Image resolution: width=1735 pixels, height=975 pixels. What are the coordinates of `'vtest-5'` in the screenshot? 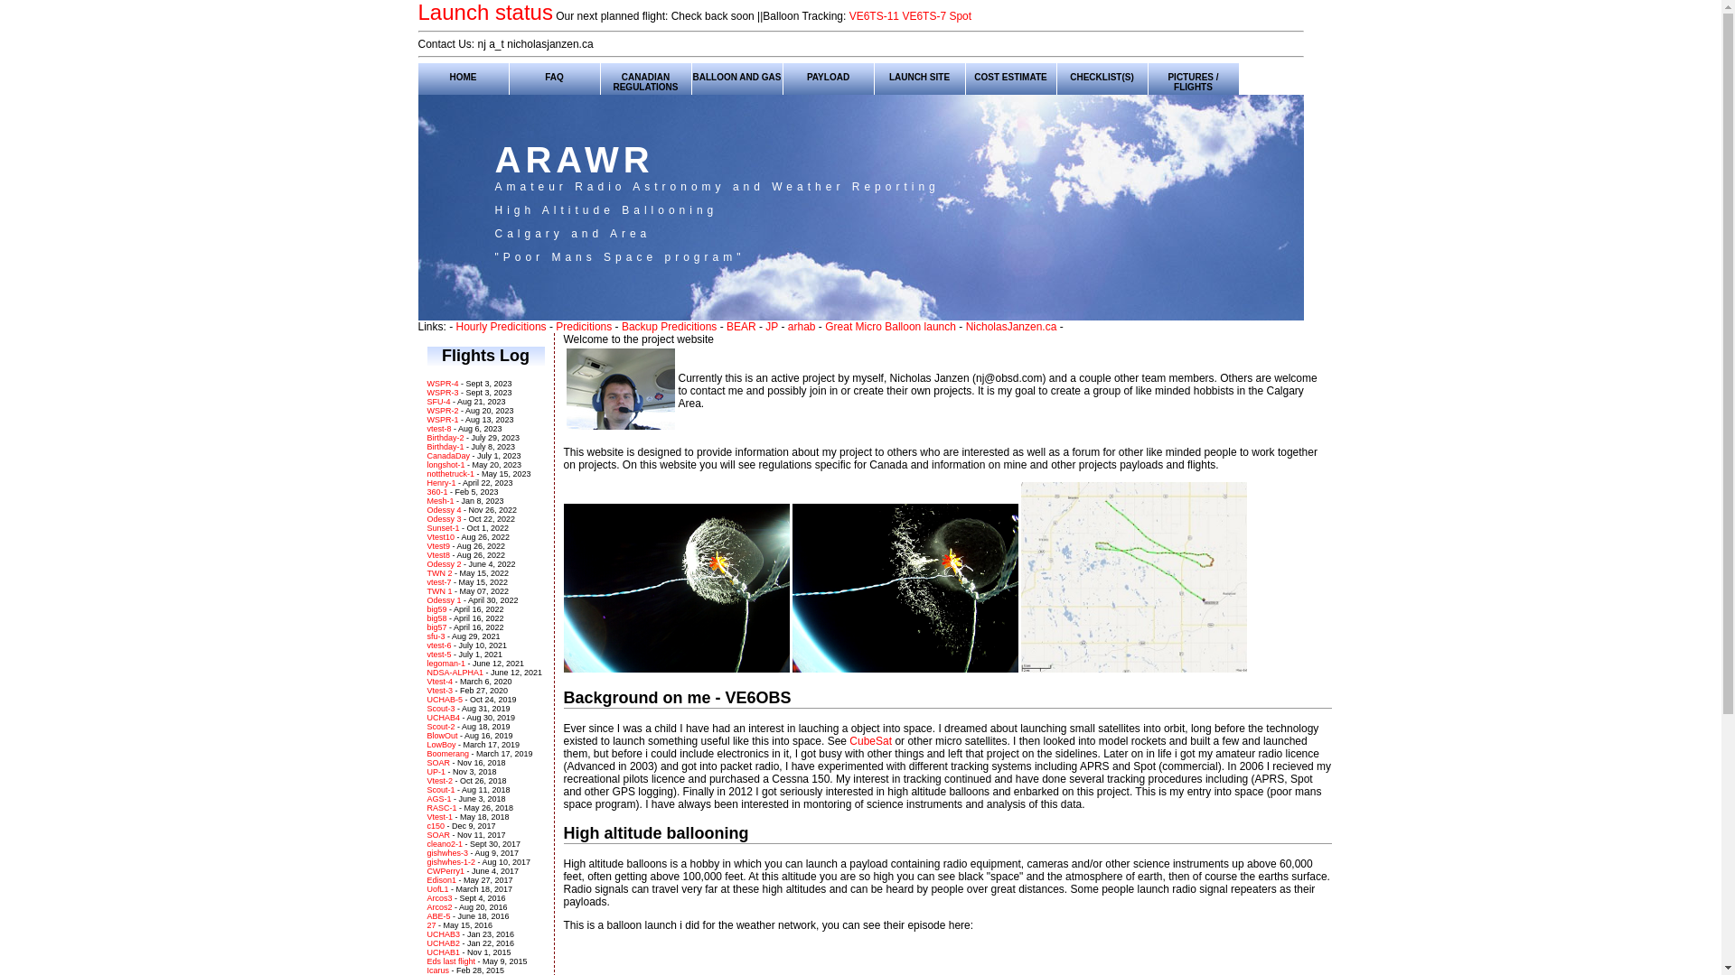 It's located at (438, 655).